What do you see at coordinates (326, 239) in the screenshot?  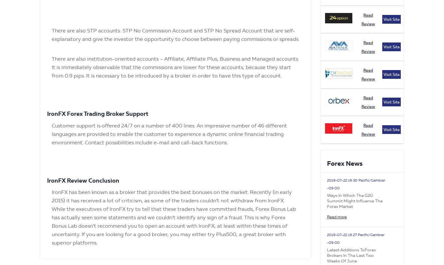 I see `'2019-07-22 19:27 Pacific/Gambier -09:00'` at bounding box center [326, 239].